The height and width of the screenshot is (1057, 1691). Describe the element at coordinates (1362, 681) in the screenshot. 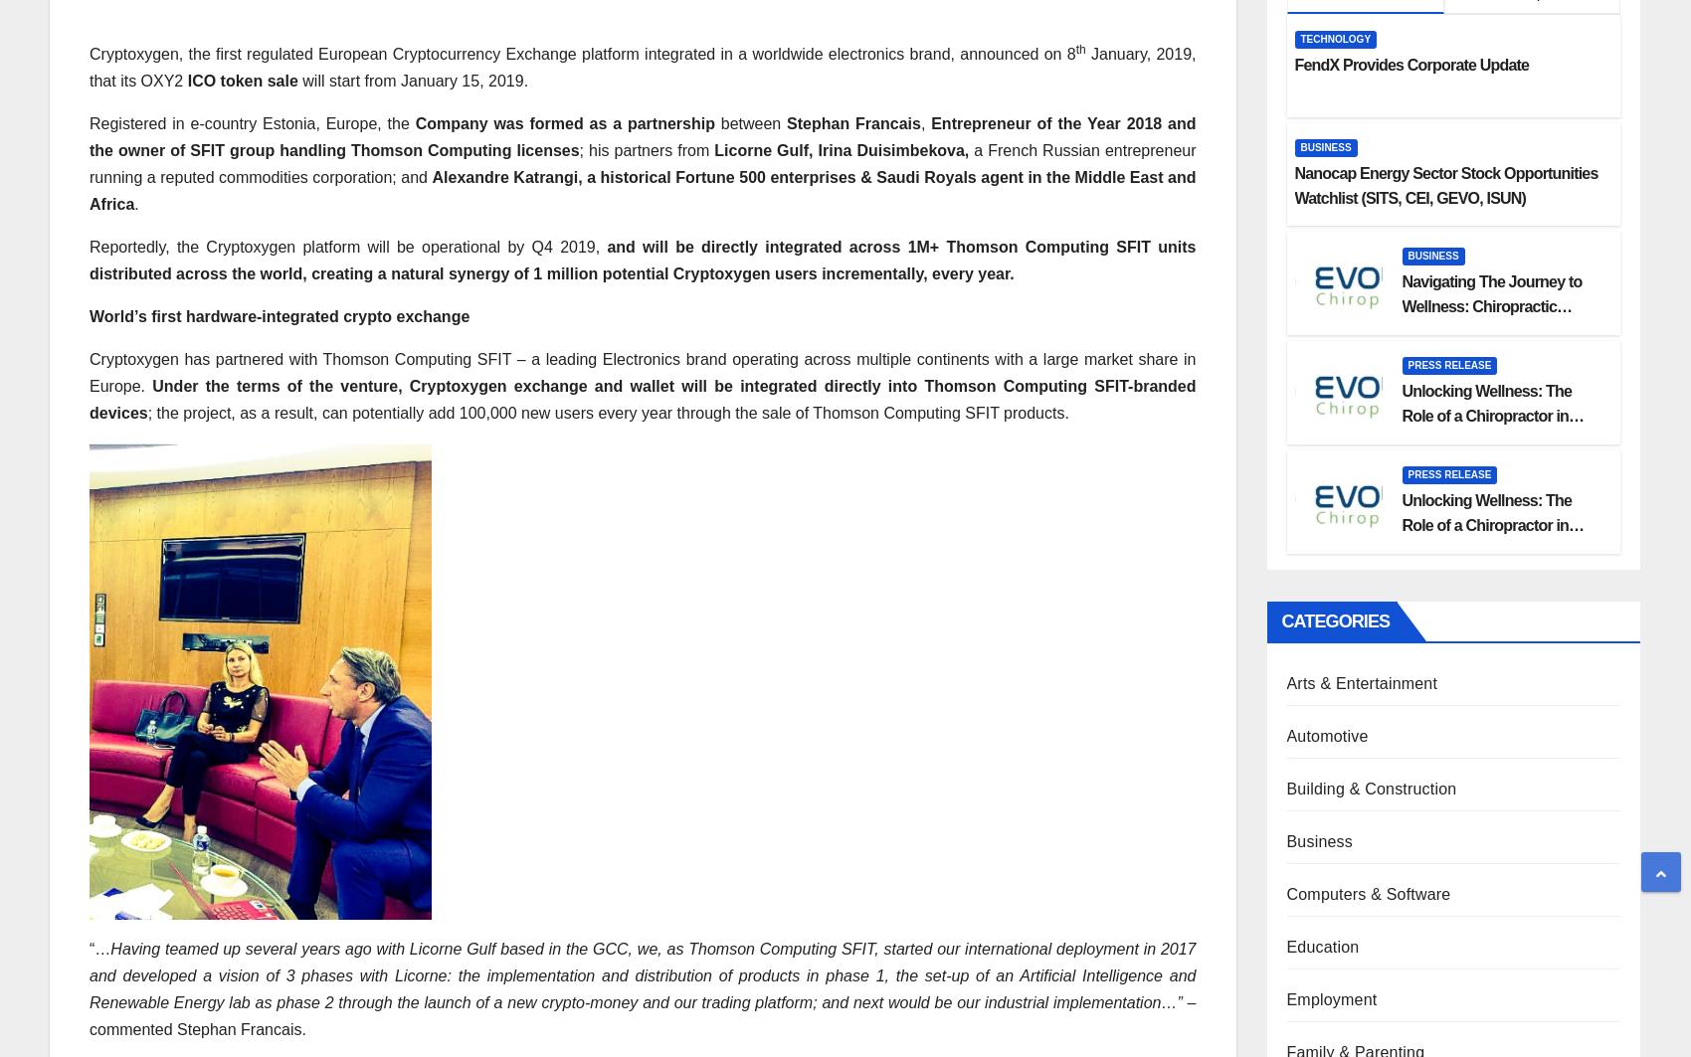

I see `'Arts & Entertainment'` at that location.